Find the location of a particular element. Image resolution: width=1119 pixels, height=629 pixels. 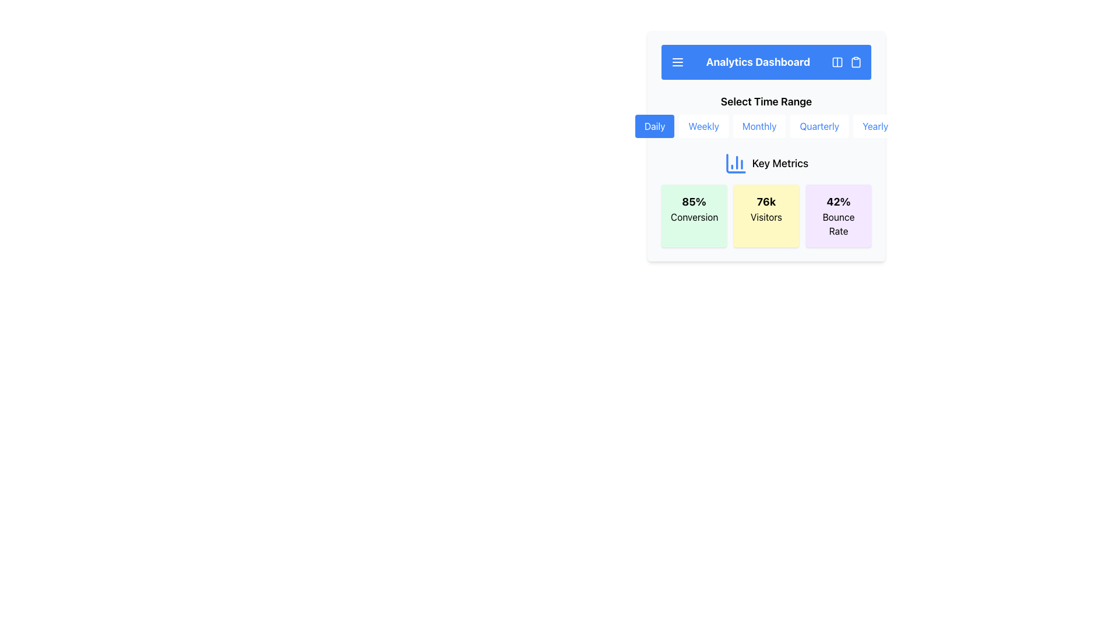

the first icon in the upper-right corner of the 'Analytics Dashboard' blue bar is located at coordinates (836, 62).